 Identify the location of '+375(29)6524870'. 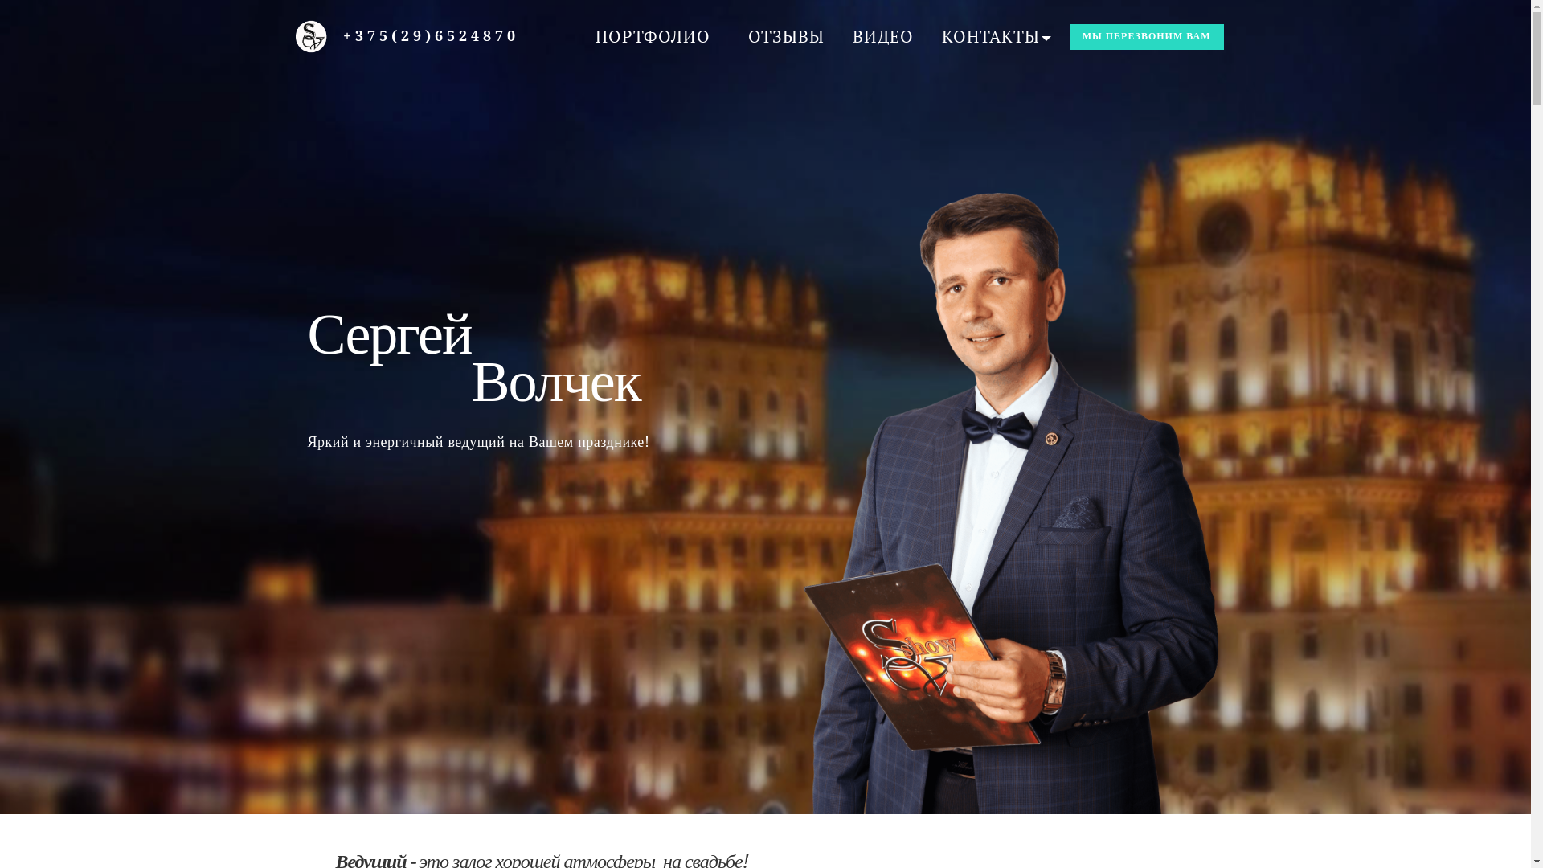
(342, 35).